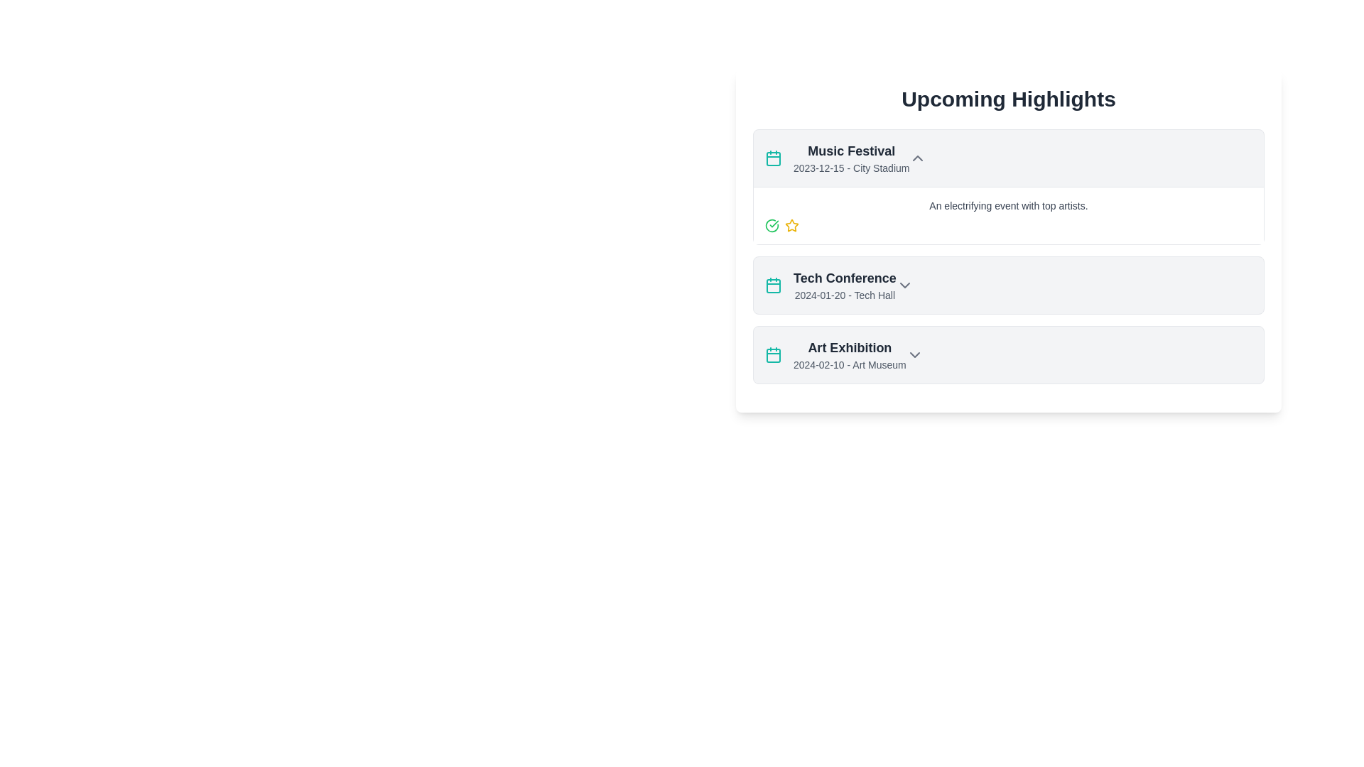  What do you see at coordinates (771, 224) in the screenshot?
I see `the verified status icon in the first row of the 'Music Festival' event in the 'Upcoming Highlights' section to observe the tooltip or visual feedback` at bounding box center [771, 224].